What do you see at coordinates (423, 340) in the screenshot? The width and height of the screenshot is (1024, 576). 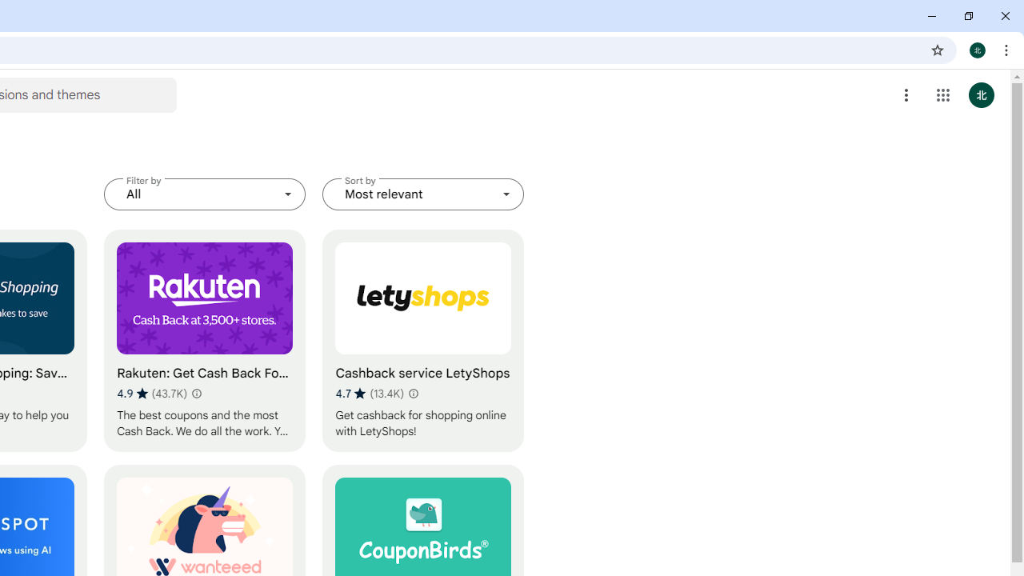 I see `'Cashback service LetyShops'` at bounding box center [423, 340].